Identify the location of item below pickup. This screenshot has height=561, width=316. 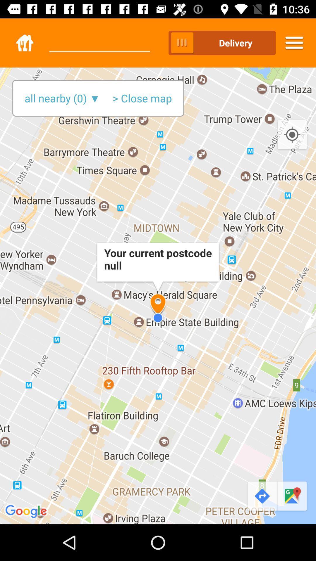
(142, 98).